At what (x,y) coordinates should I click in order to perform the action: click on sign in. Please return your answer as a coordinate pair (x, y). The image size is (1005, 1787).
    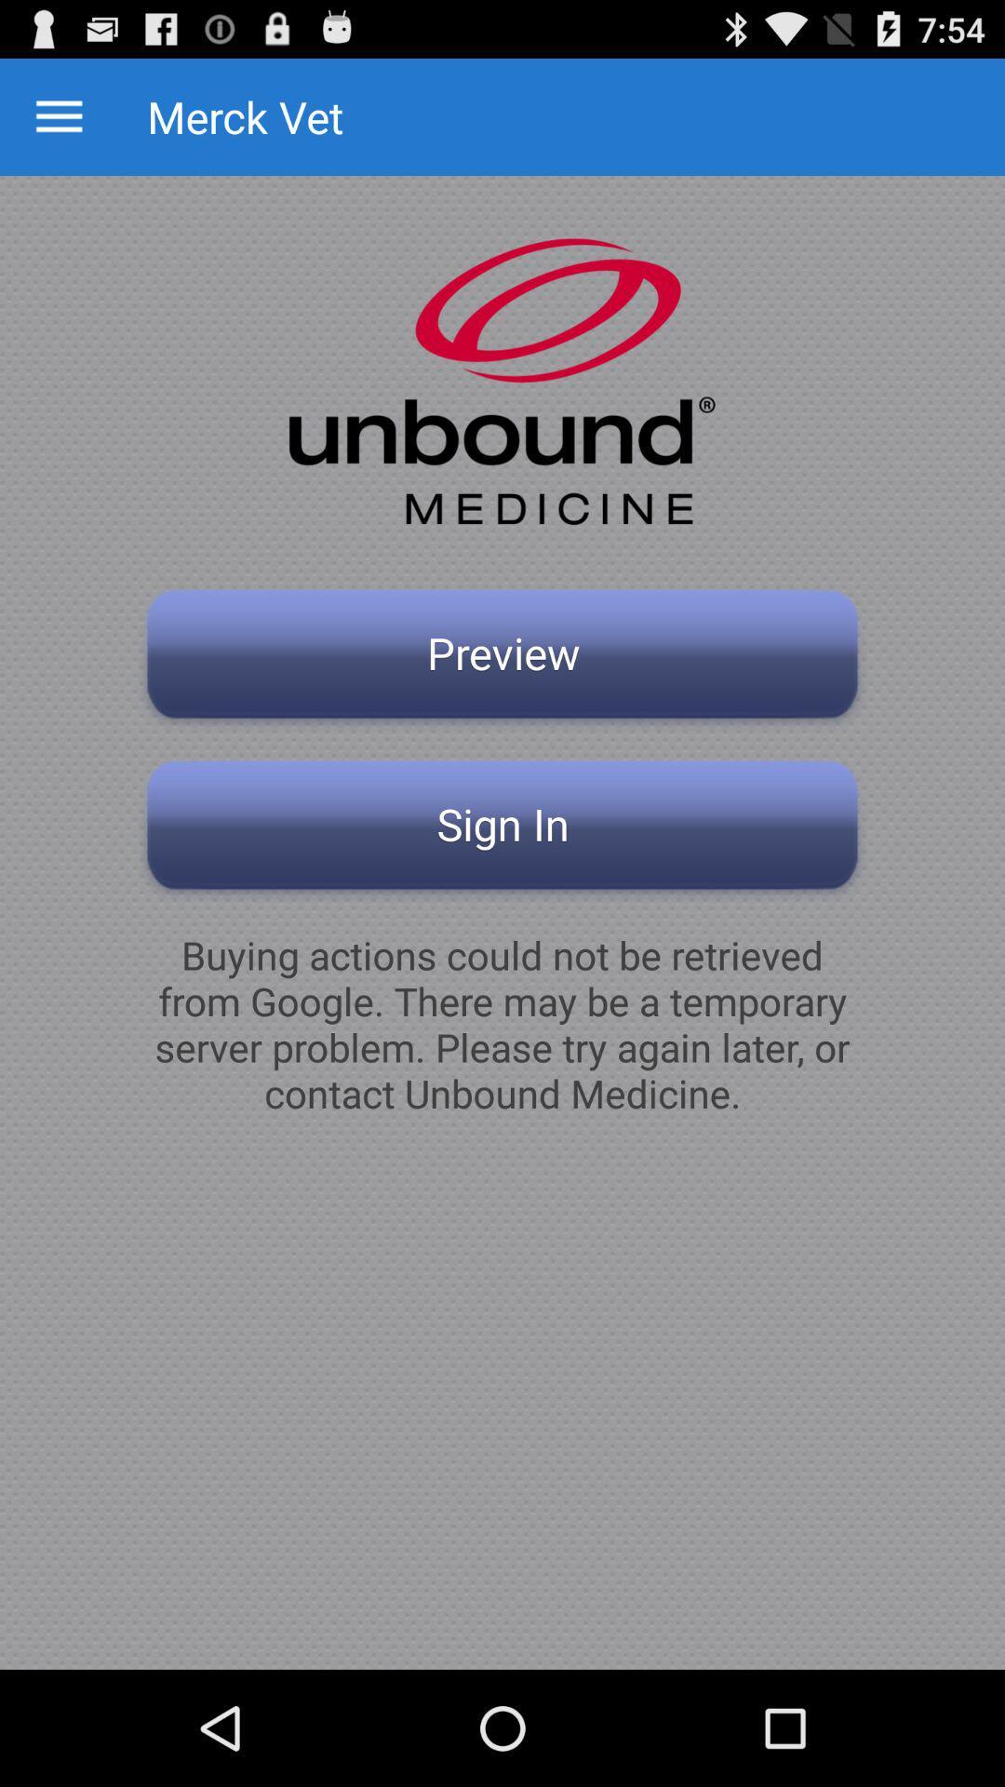
    Looking at the image, I should click on (502, 829).